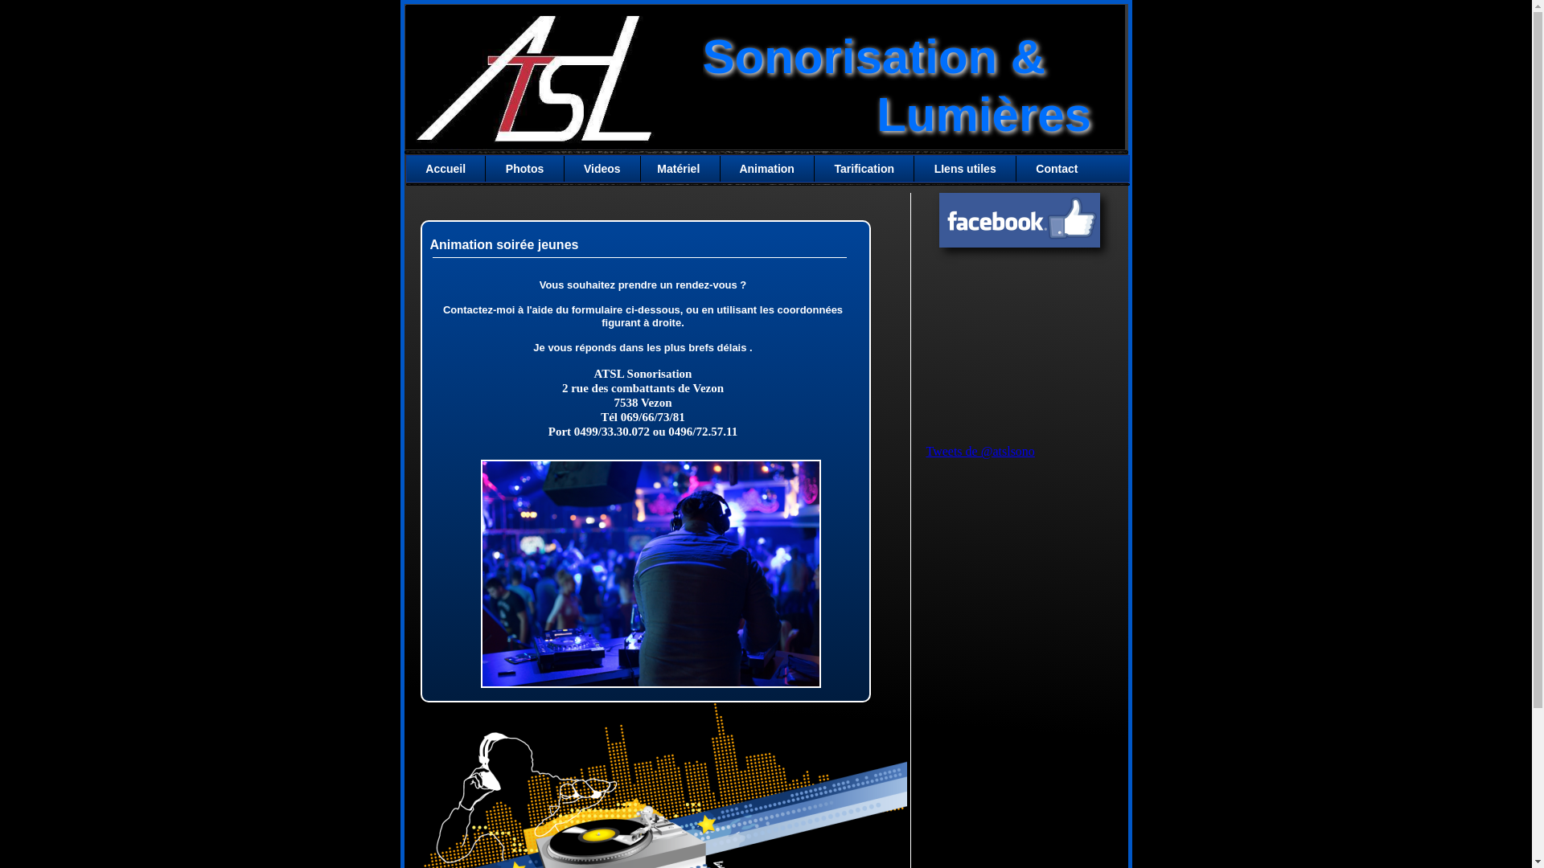  Describe the element at coordinates (1016, 168) in the screenshot. I see `'      Contact     '` at that location.